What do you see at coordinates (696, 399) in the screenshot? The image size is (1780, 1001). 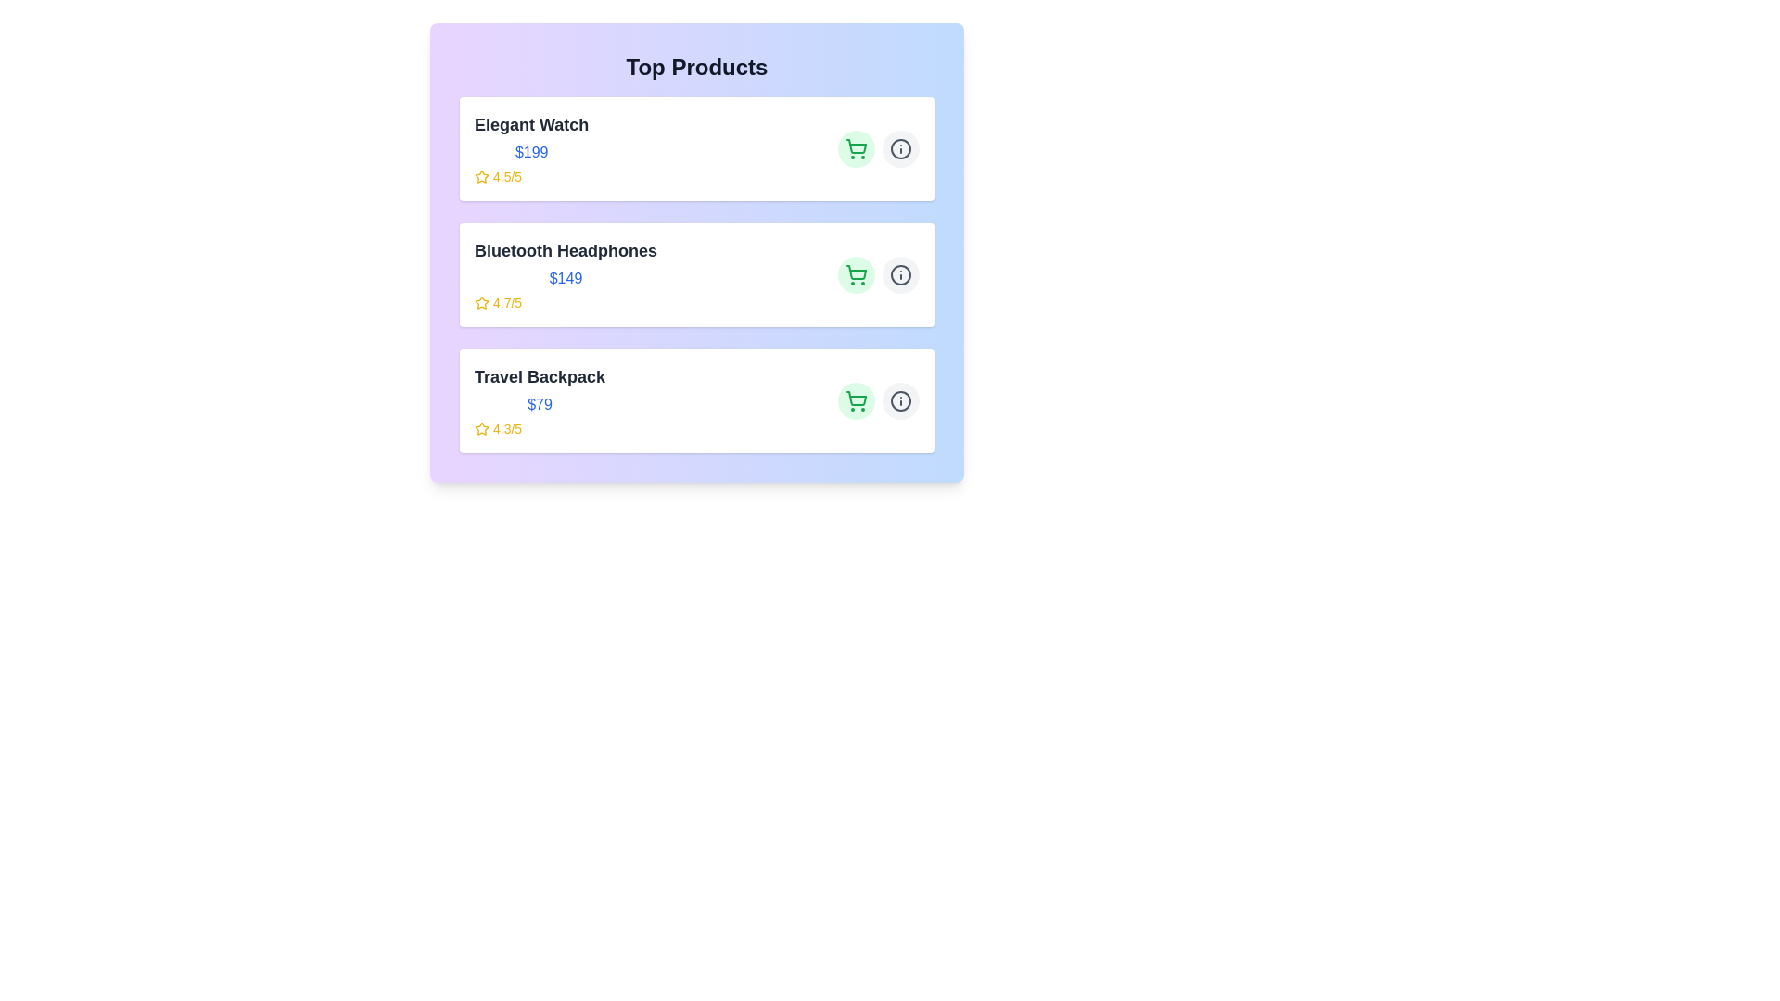 I see `the product card for Travel Backpack` at bounding box center [696, 399].